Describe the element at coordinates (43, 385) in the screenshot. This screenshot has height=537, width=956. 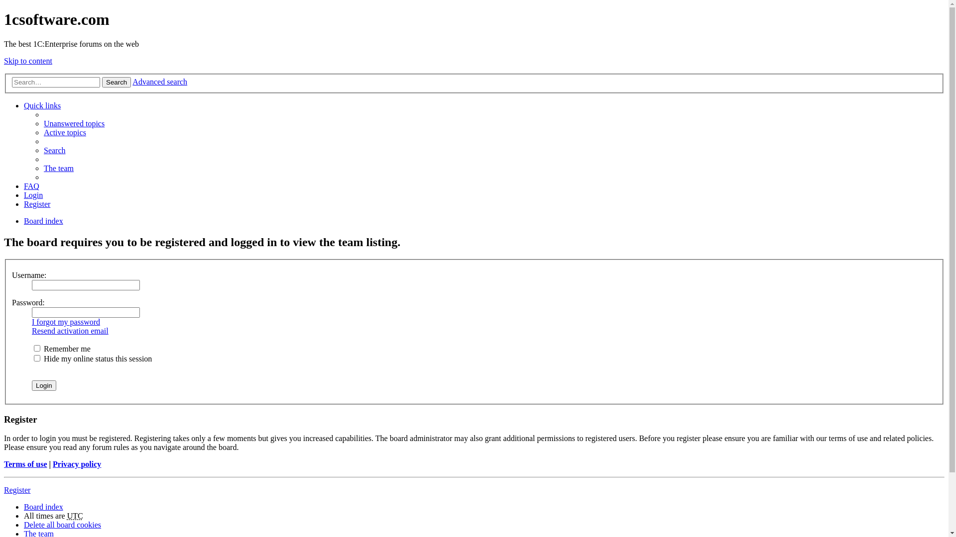
I see `'Login'` at that location.